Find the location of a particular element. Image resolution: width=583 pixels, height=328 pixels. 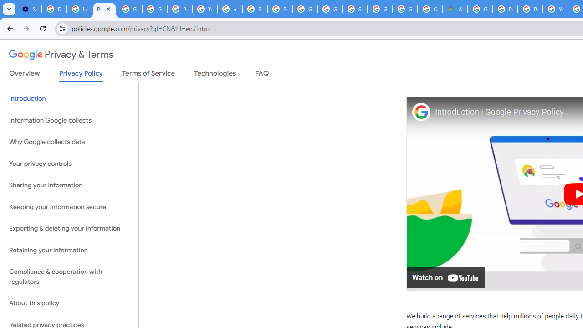

'Create your Google Account' is located at coordinates (430, 9).